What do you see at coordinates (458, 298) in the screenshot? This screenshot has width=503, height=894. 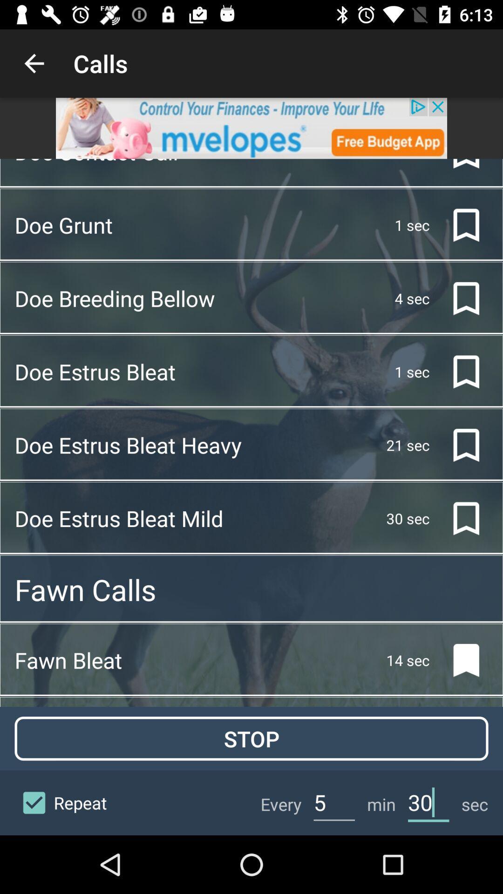 I see `the bookmark icon` at bounding box center [458, 298].